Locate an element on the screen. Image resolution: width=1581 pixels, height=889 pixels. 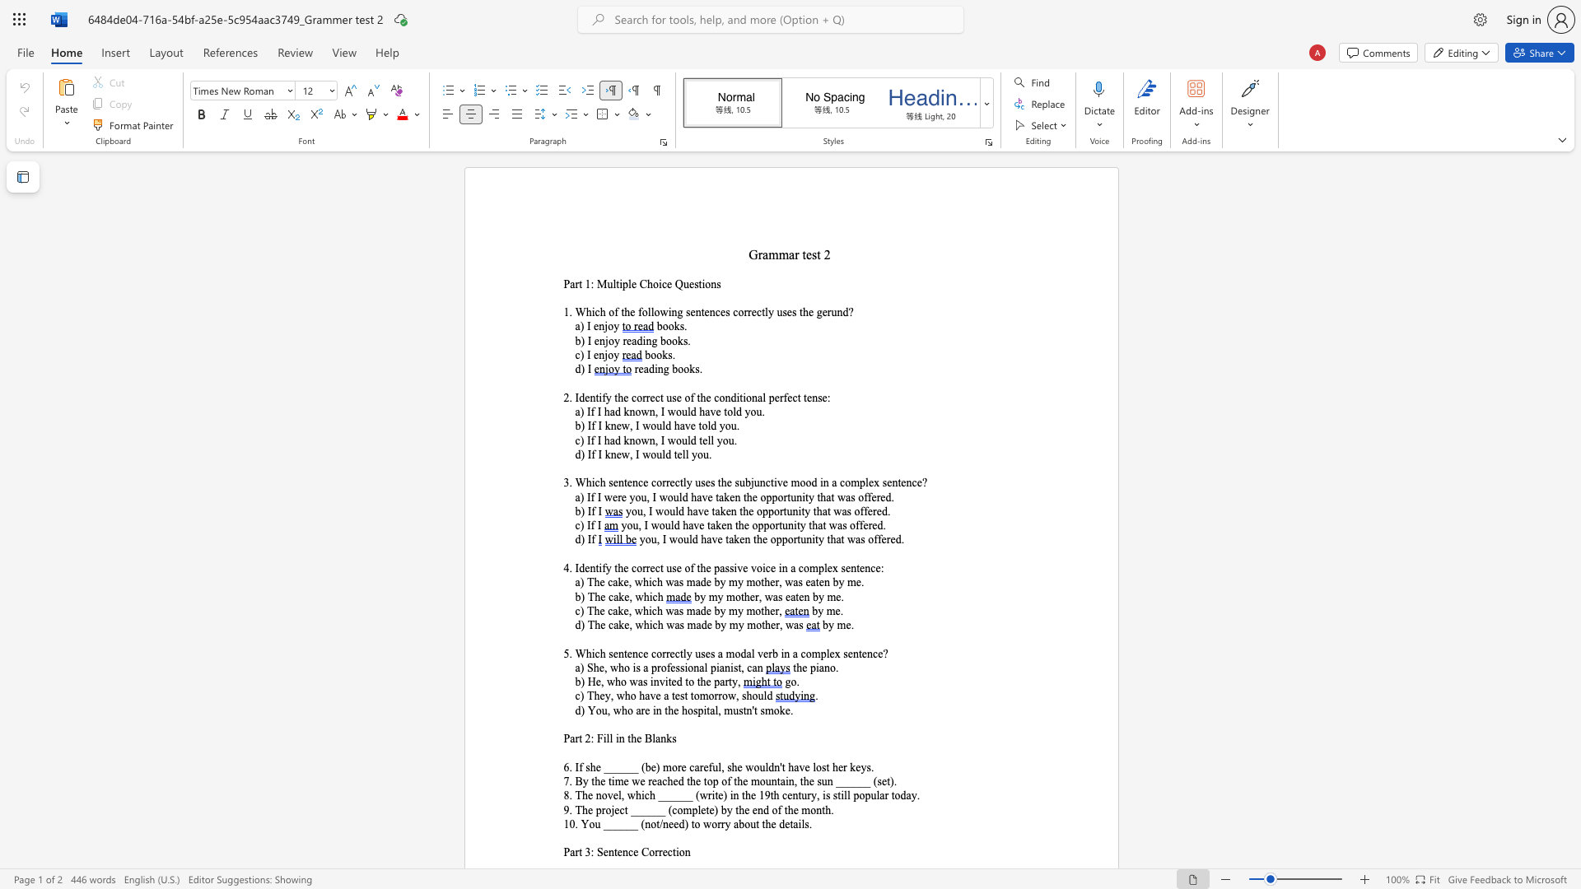
the subset text "n, I would tell" within the text "c) If I had known, I would tell you." is located at coordinates (648, 440).